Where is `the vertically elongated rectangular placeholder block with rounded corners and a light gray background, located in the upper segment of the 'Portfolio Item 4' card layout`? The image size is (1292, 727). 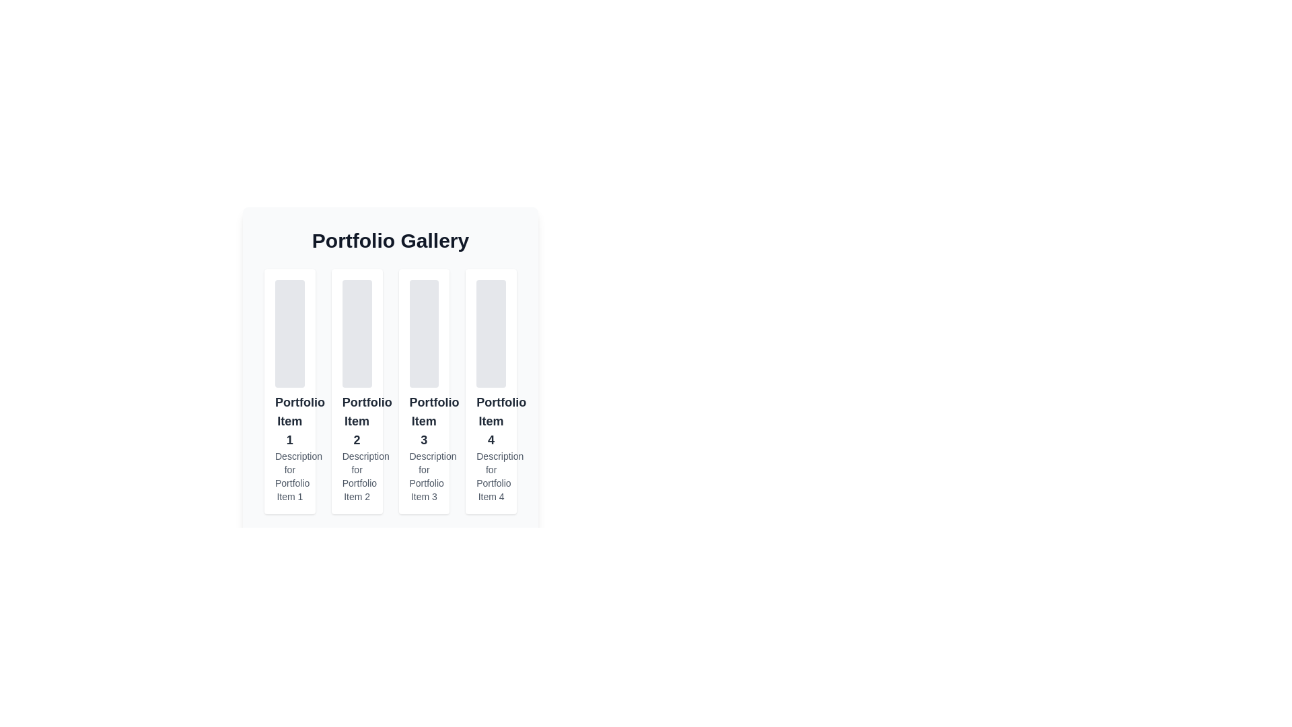 the vertically elongated rectangular placeholder block with rounded corners and a light gray background, located in the upper segment of the 'Portfolio Item 4' card layout is located at coordinates (491, 333).